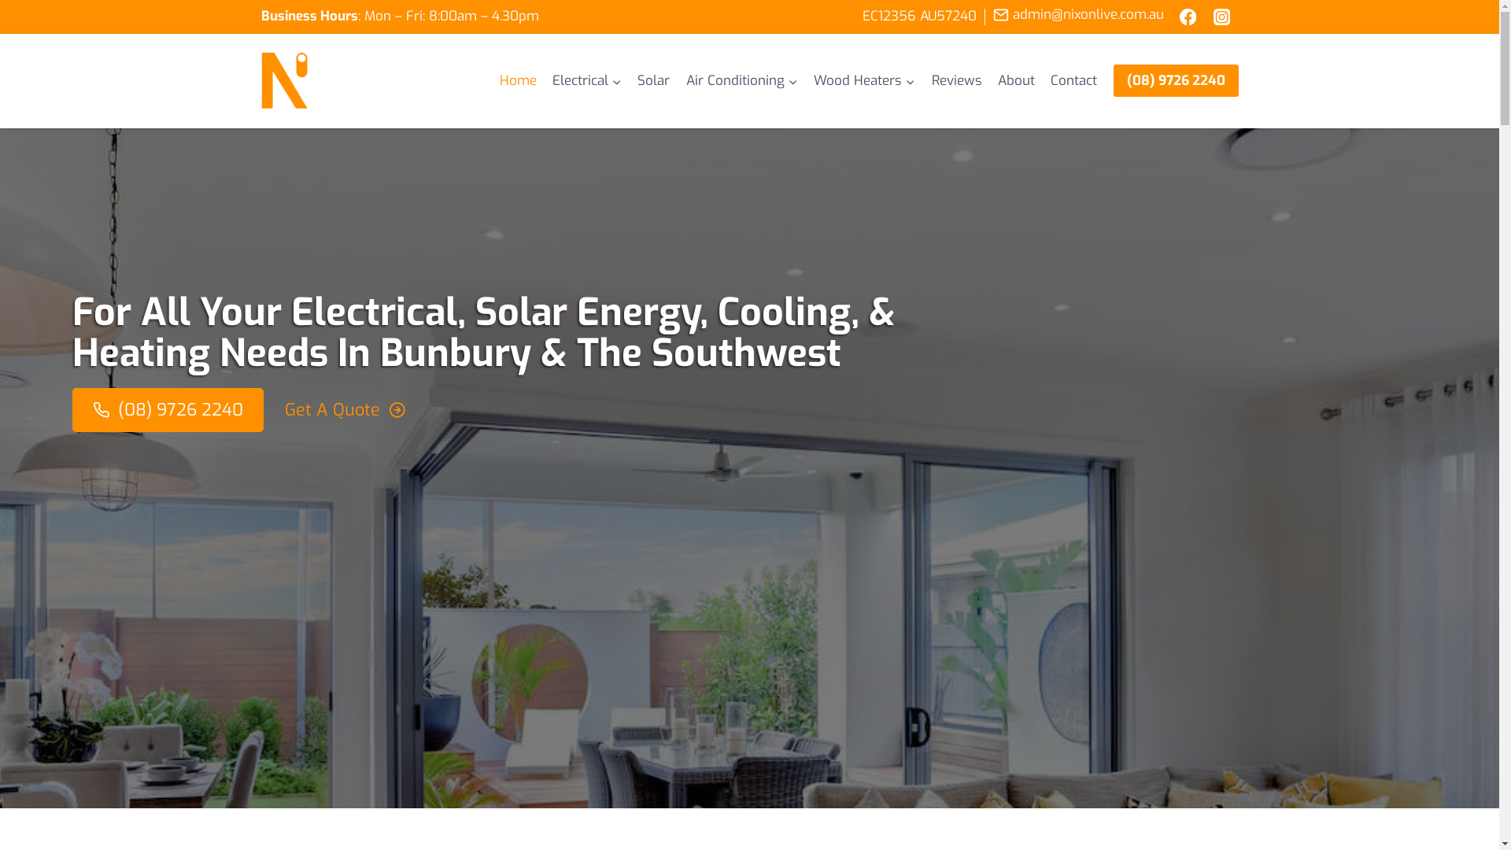  What do you see at coordinates (517, 79) in the screenshot?
I see `'Home'` at bounding box center [517, 79].